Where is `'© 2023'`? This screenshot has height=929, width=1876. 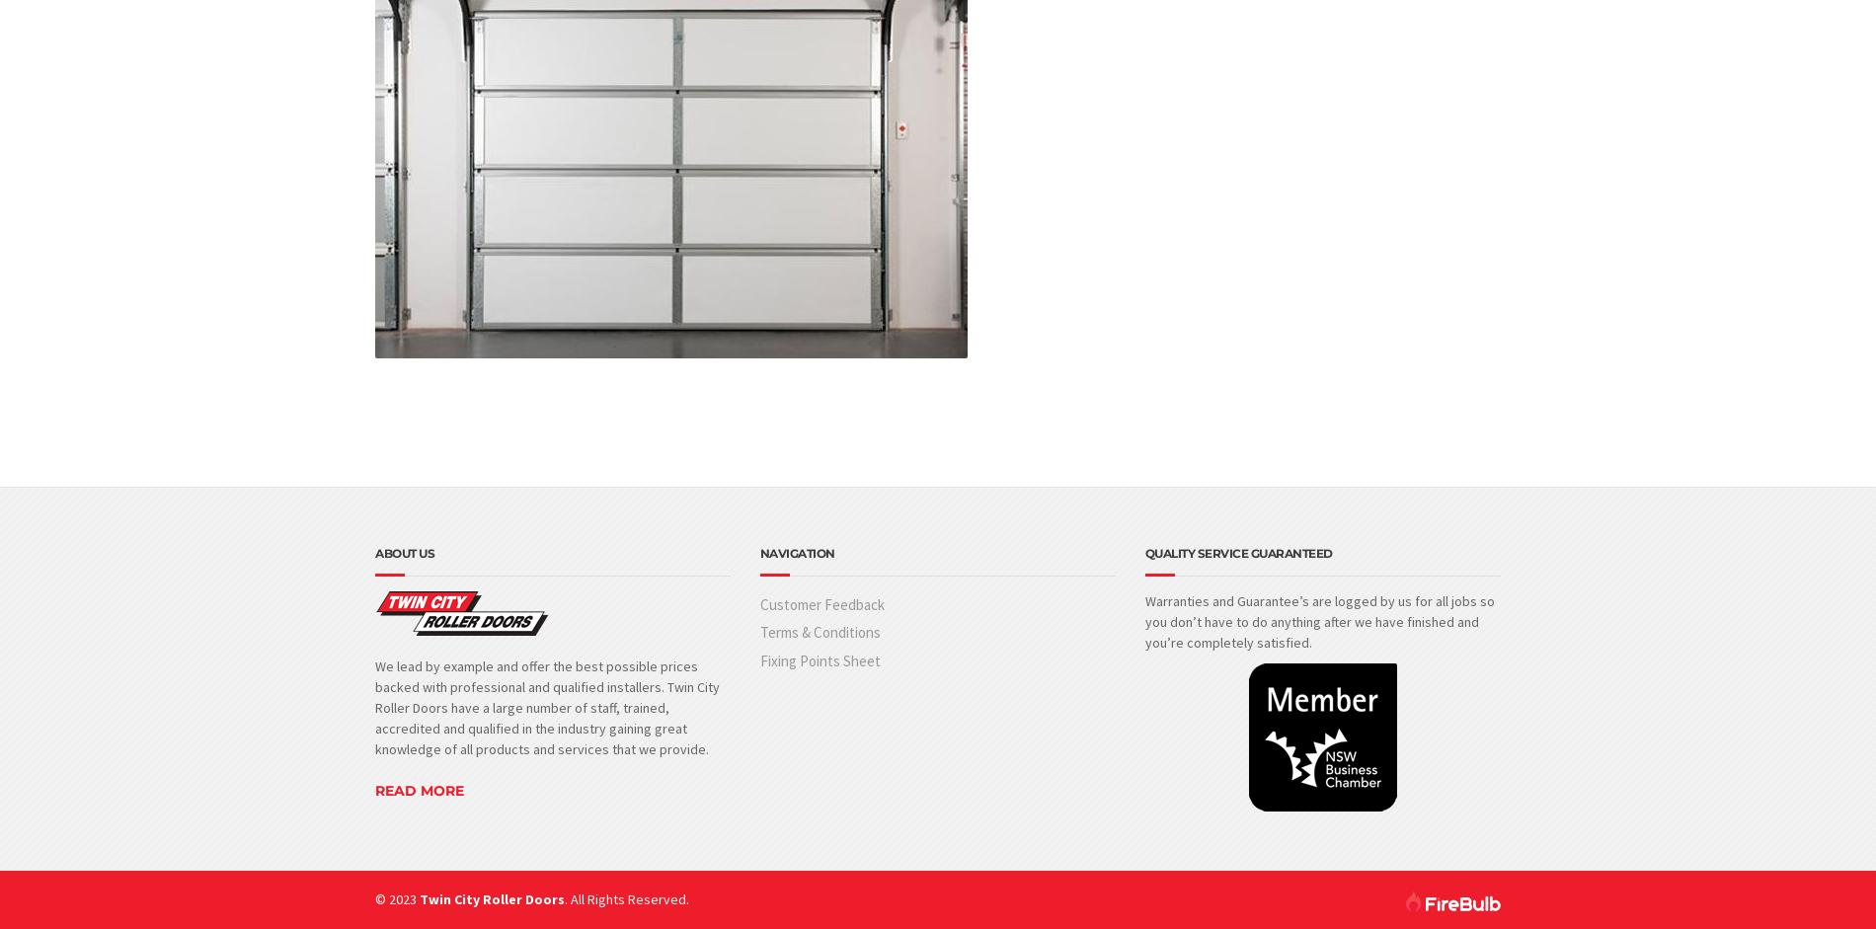 '© 2023' is located at coordinates (396, 897).